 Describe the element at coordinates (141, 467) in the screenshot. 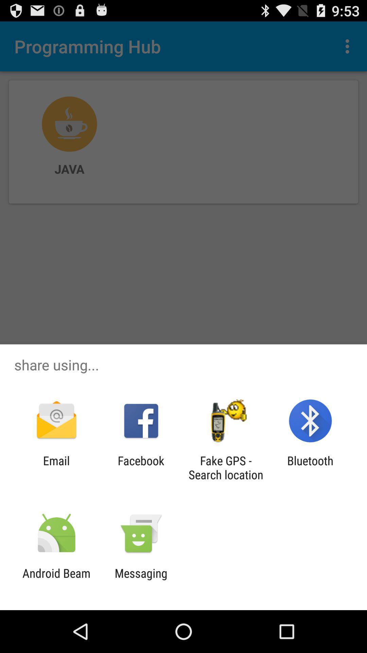

I see `app to the left of the fake gps search icon` at that location.